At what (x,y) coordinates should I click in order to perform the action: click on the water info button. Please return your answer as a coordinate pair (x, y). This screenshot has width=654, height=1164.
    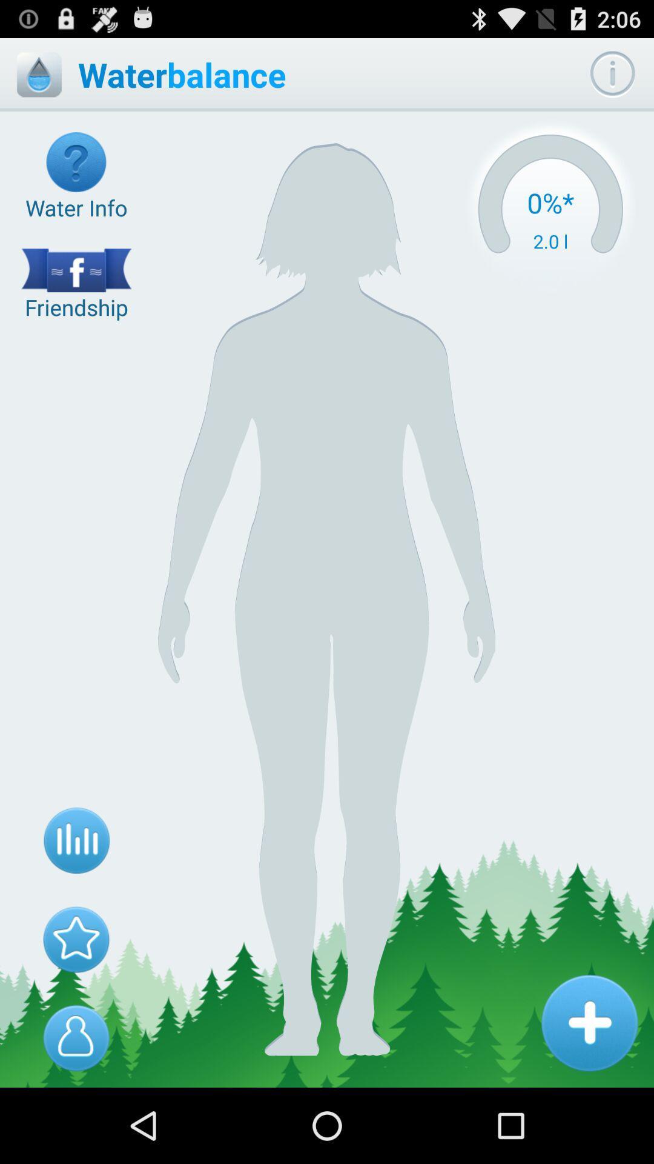
    Looking at the image, I should click on (76, 176).